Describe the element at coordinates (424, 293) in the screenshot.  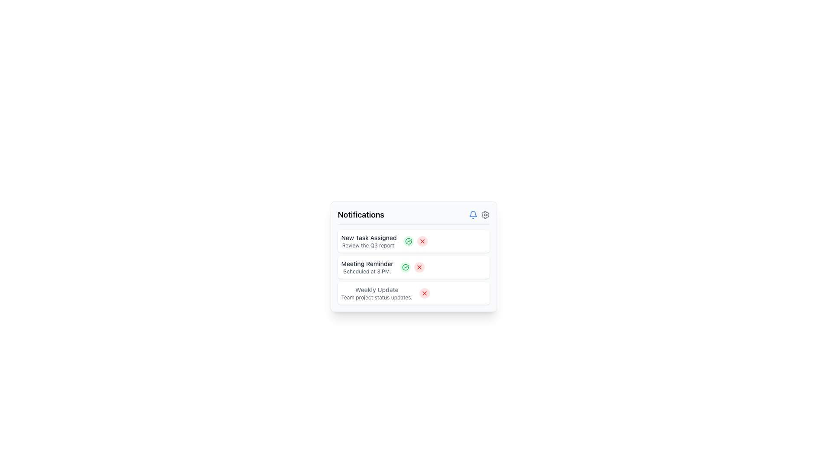
I see `the 'delete' or 'dismiss' button located at the far-right end of the notification block for 'Weekly Update: Team project status updates'` at that location.